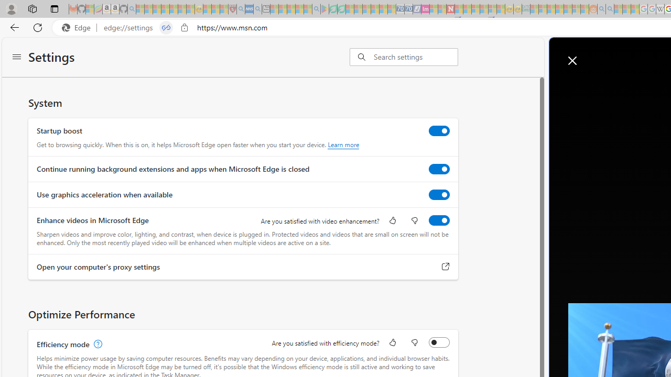 The image size is (671, 377). Describe the element at coordinates (659, 9) in the screenshot. I see `'Target page - Wikipedia - Sleeping'` at that location.